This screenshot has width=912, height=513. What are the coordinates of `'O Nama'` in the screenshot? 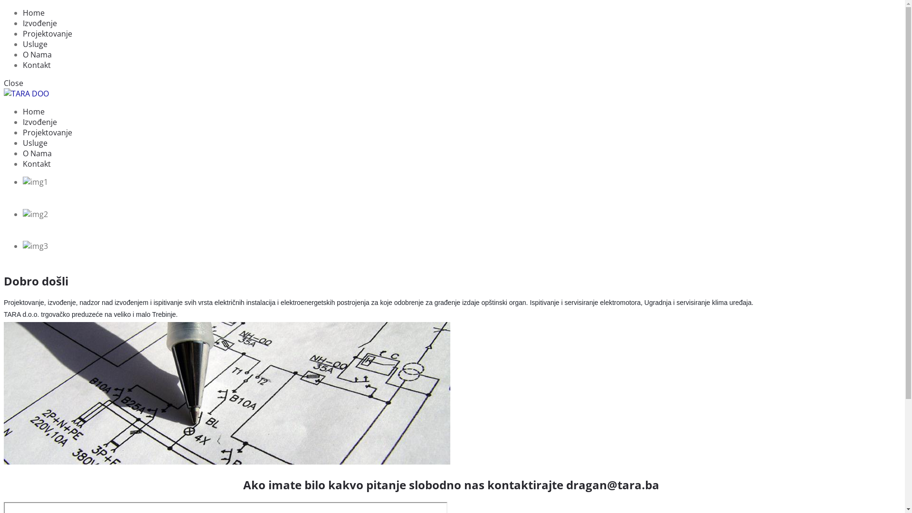 It's located at (37, 55).